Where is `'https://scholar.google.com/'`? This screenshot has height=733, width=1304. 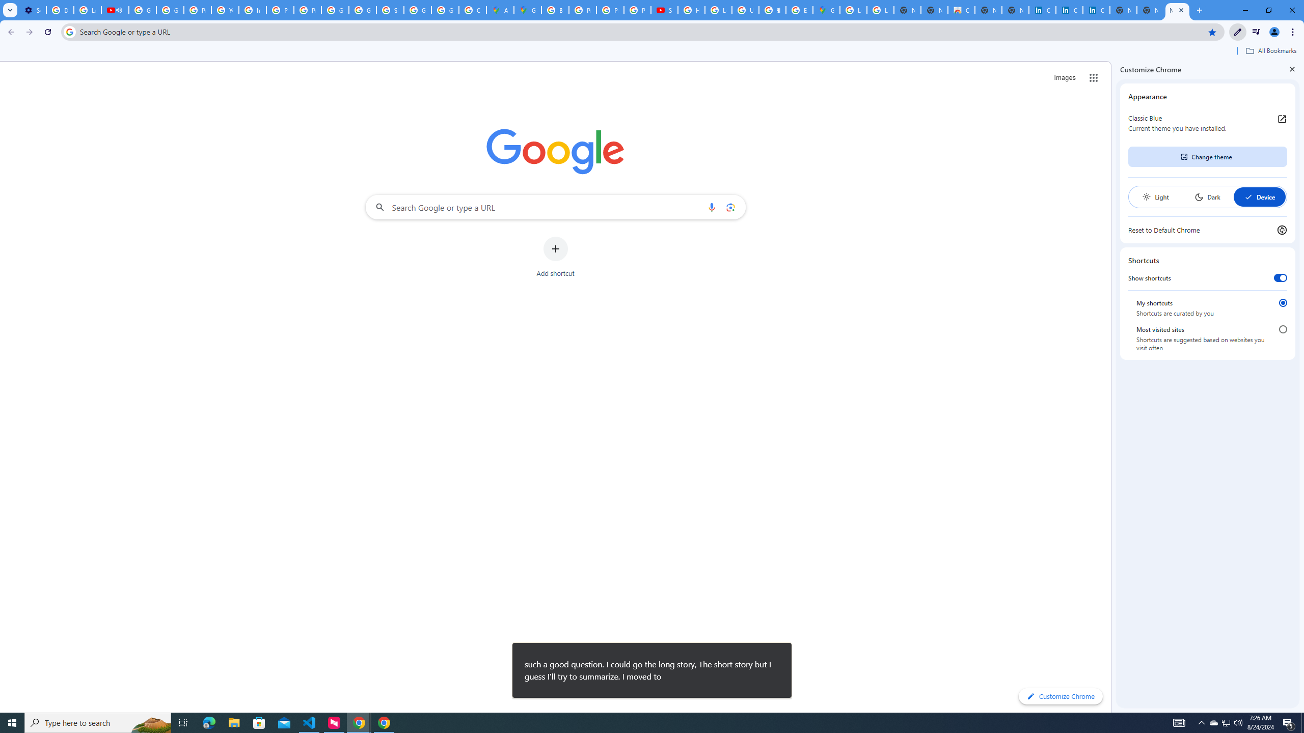
'https://scholar.google.com/' is located at coordinates (253, 10).